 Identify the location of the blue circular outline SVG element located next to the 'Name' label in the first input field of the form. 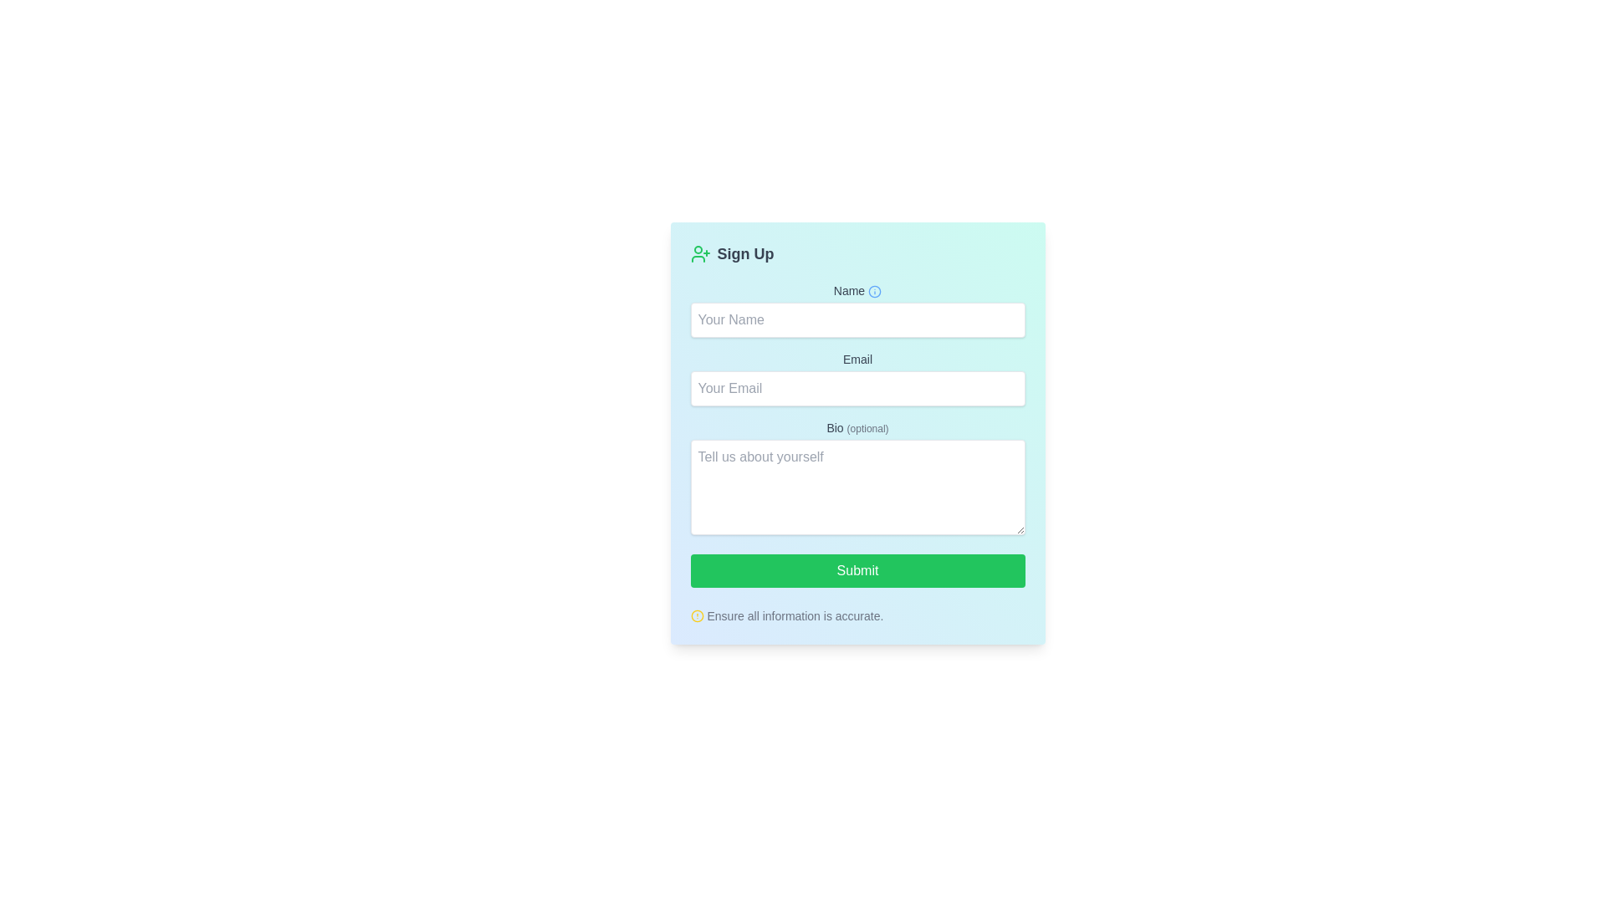
(874, 291).